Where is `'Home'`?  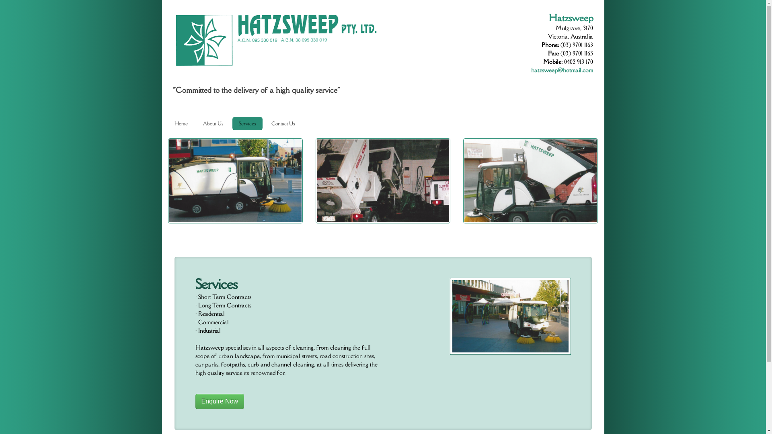
'Home' is located at coordinates (167, 123).